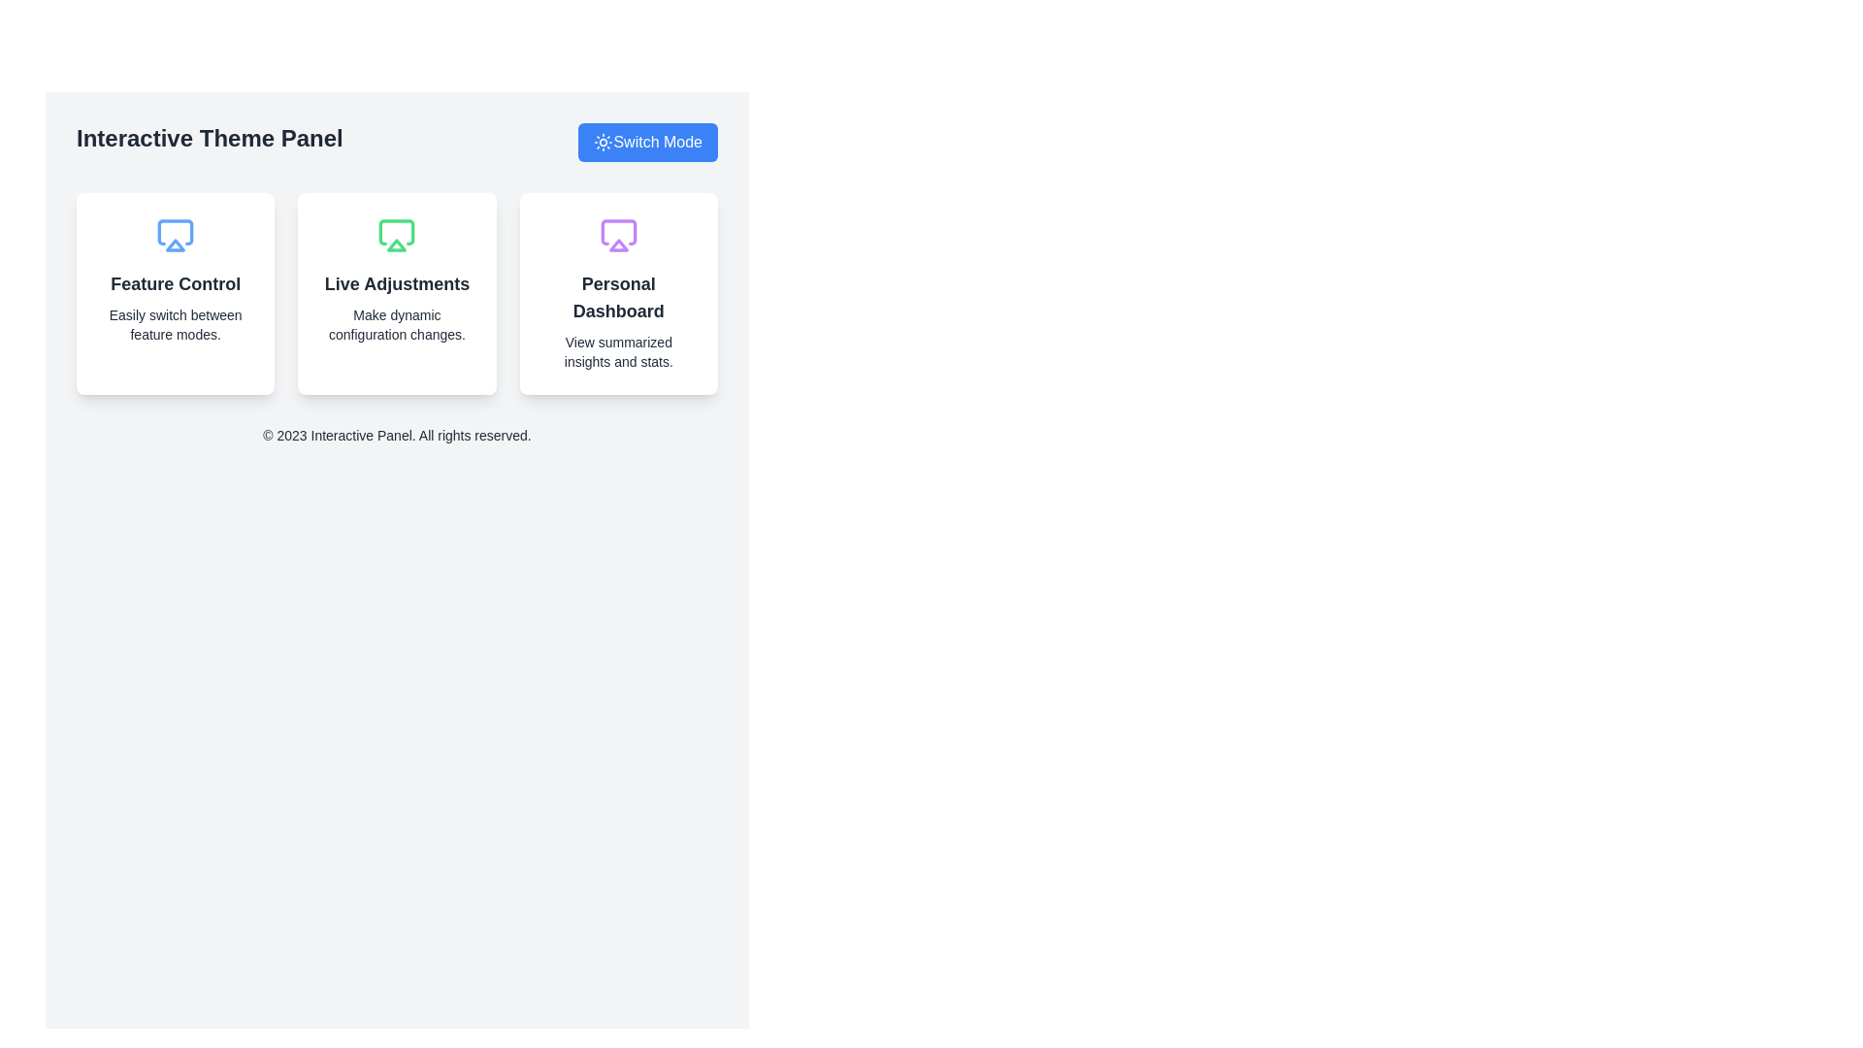 This screenshot has height=1048, width=1863. I want to click on the static text element that serves as the title for the first card in a row of three cards, located near the top portion of the card below the icon, so click(176, 284).